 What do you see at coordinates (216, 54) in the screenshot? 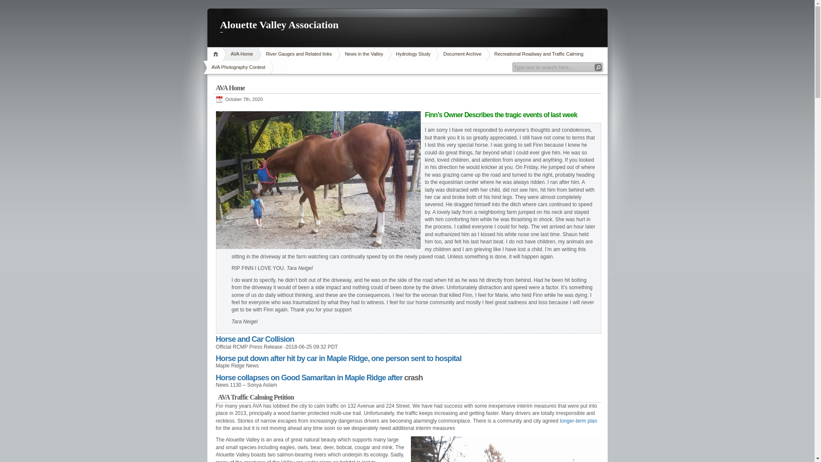
I see `'Home'` at bounding box center [216, 54].